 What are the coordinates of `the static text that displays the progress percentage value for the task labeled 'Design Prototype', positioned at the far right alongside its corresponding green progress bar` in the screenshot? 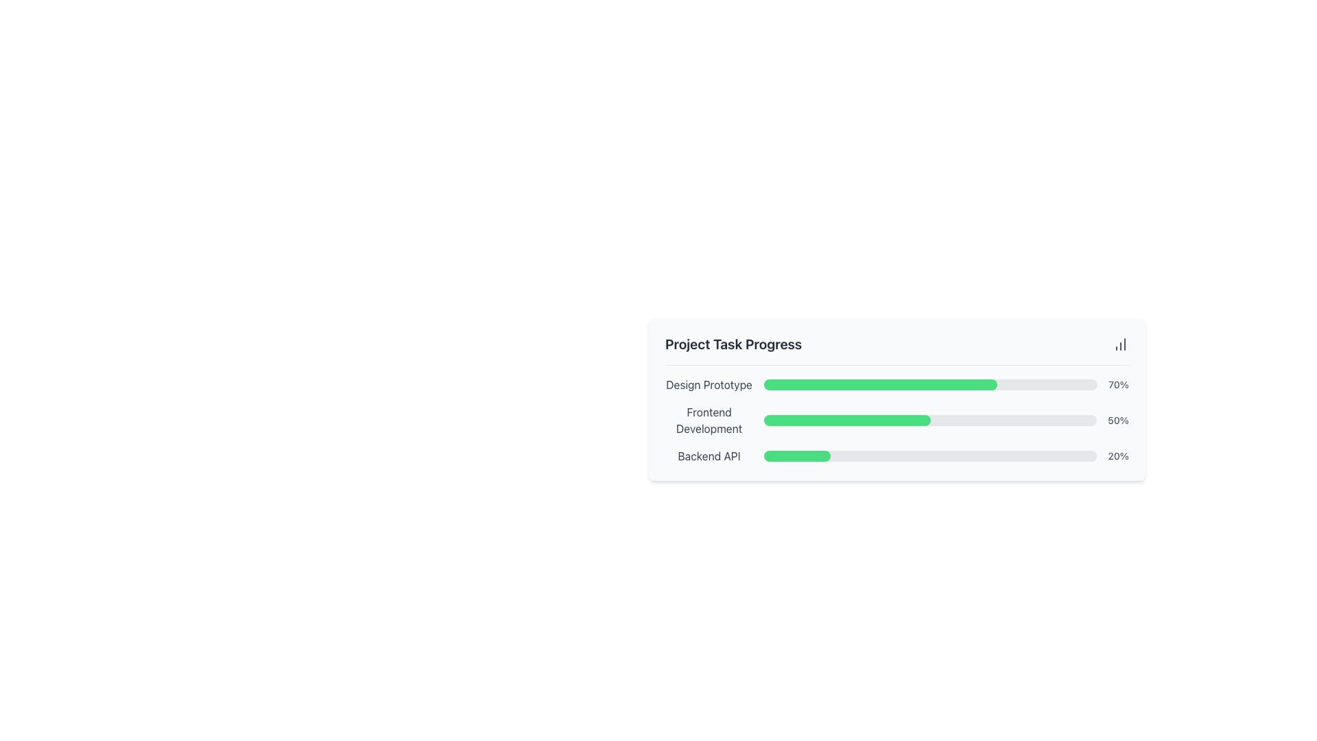 It's located at (1119, 384).